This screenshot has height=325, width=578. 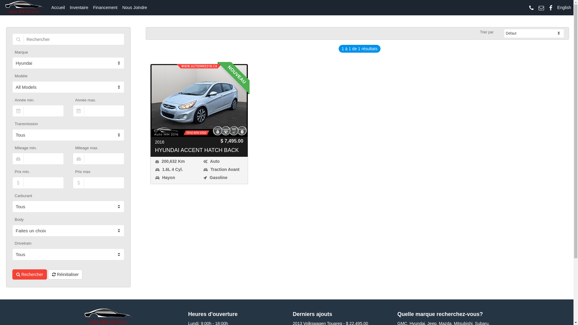 I want to click on 'English', so click(x=555, y=7).